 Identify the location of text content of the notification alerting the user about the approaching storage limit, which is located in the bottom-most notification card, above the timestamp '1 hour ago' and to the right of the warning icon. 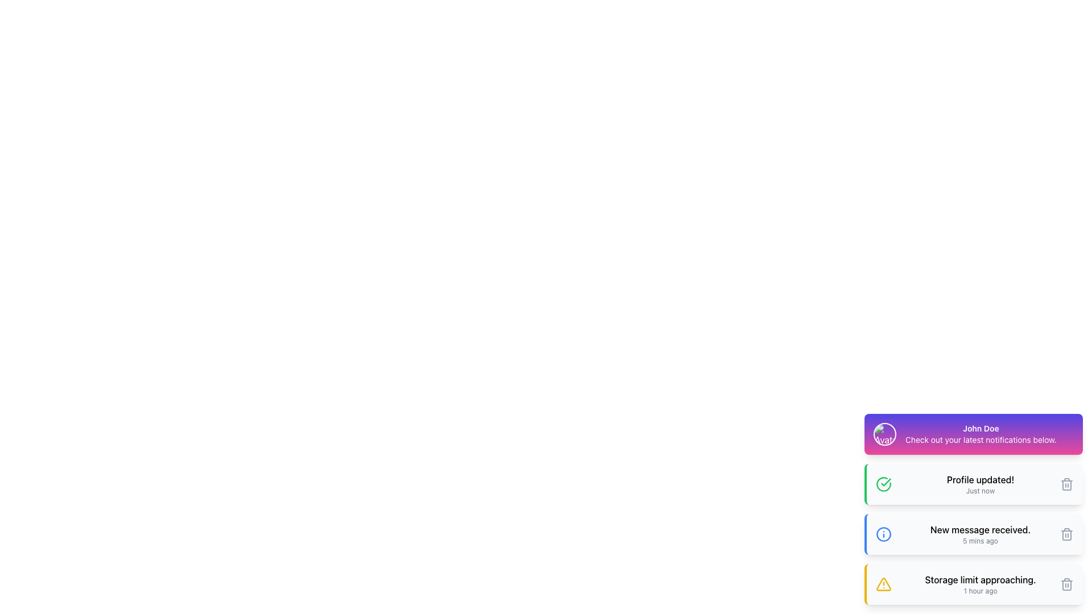
(979, 579).